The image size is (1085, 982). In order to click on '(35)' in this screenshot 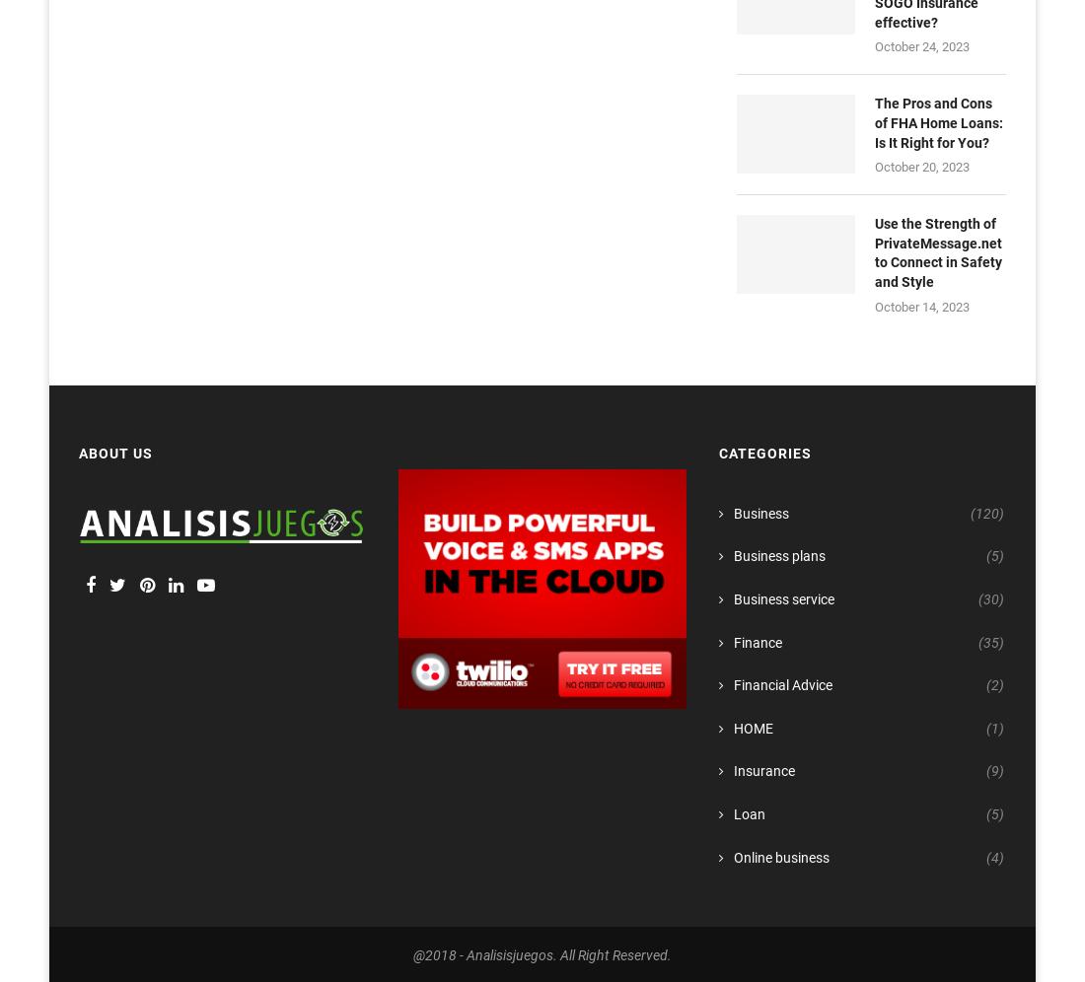, I will do `click(988, 640)`.